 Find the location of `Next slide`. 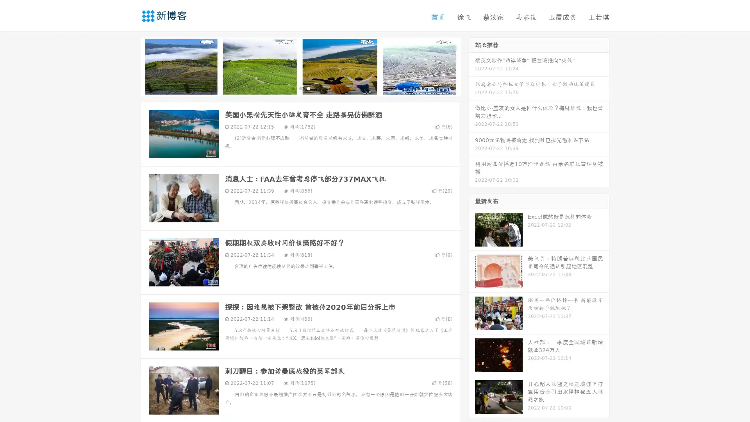

Next slide is located at coordinates (472, 66).